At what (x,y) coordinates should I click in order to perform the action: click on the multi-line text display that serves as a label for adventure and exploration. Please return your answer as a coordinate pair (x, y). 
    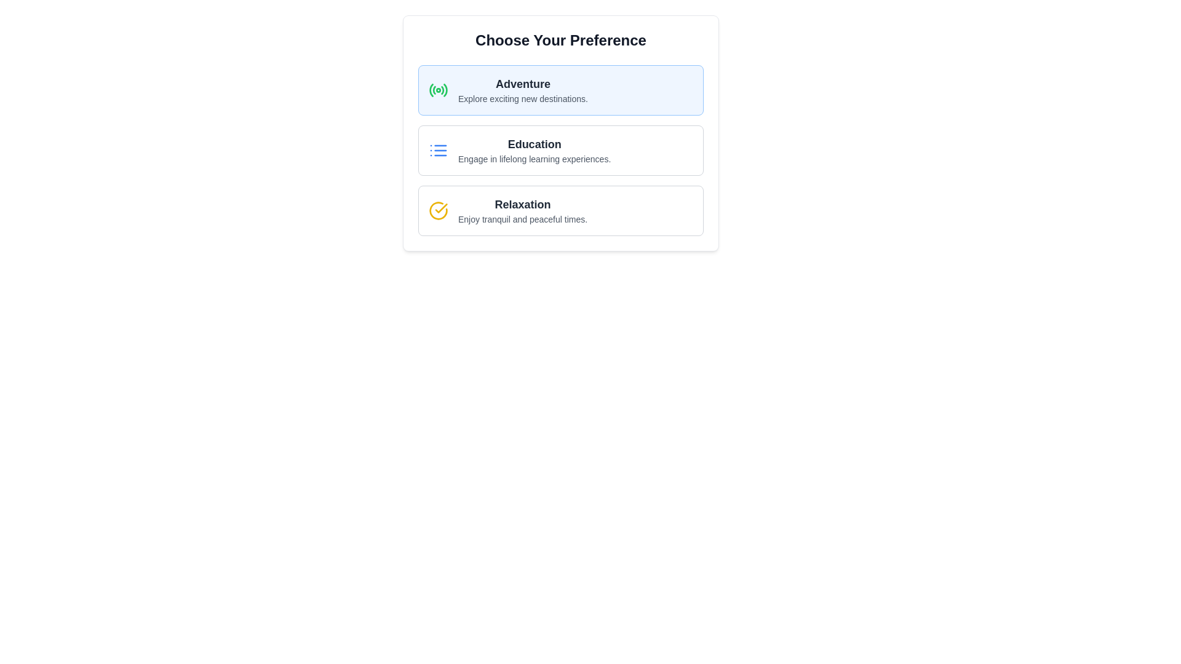
    Looking at the image, I should click on (523, 89).